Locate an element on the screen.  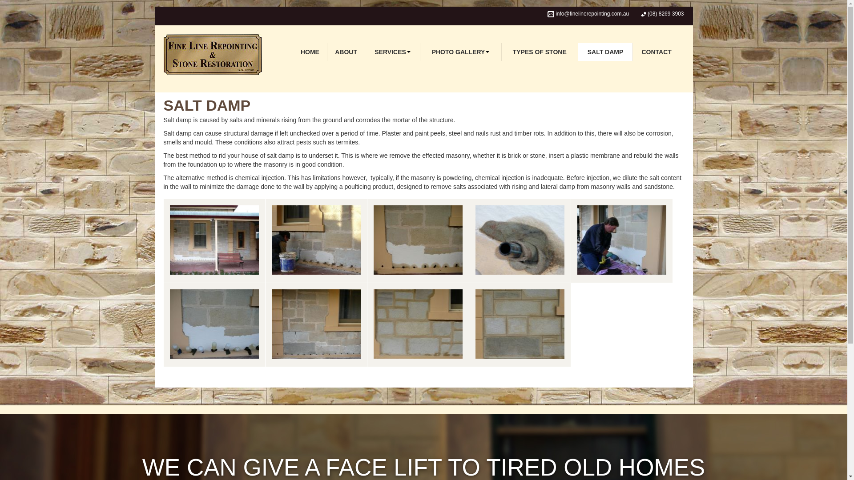
'SERVICES' is located at coordinates (392, 52).